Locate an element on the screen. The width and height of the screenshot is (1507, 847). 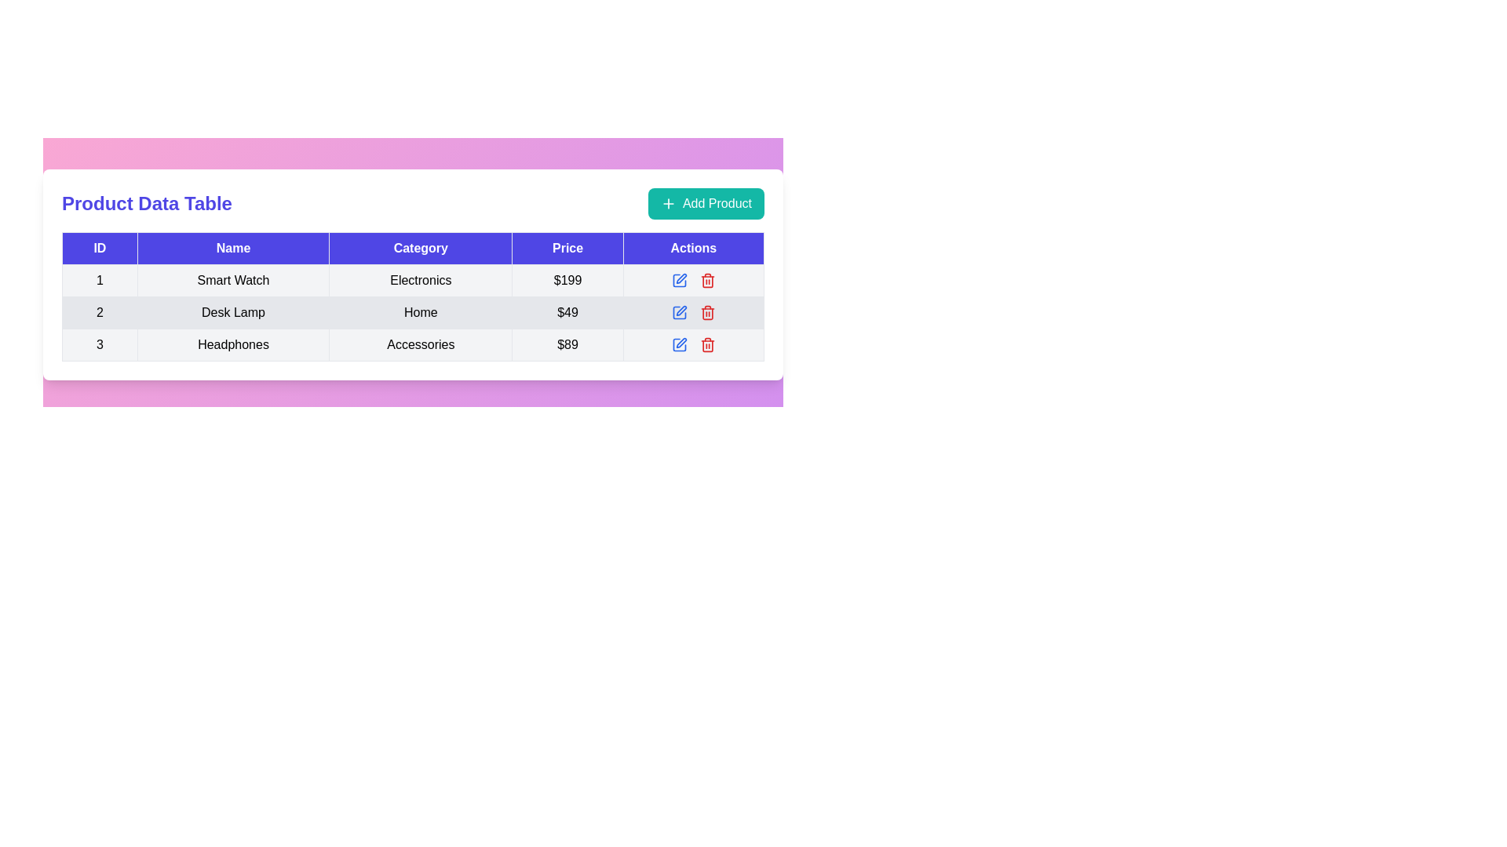
the 'Add Product' icon located on the left edge of the 'Add Product' button to trigger potential visual effects is located at coordinates (668, 202).